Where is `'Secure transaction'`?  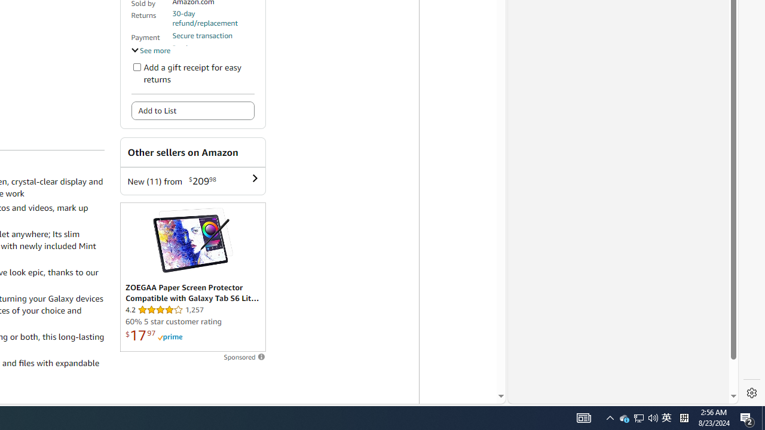
'Secure transaction' is located at coordinates (203, 35).